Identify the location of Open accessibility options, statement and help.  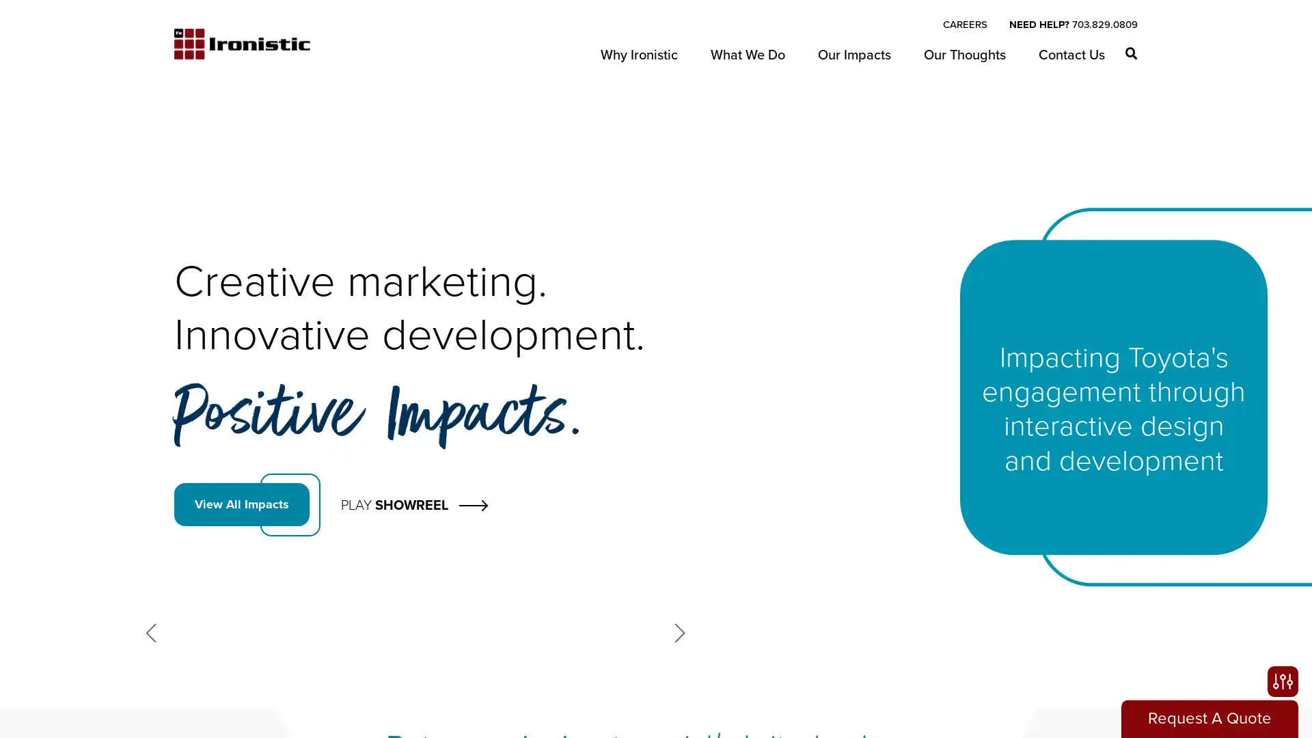
(1282, 681).